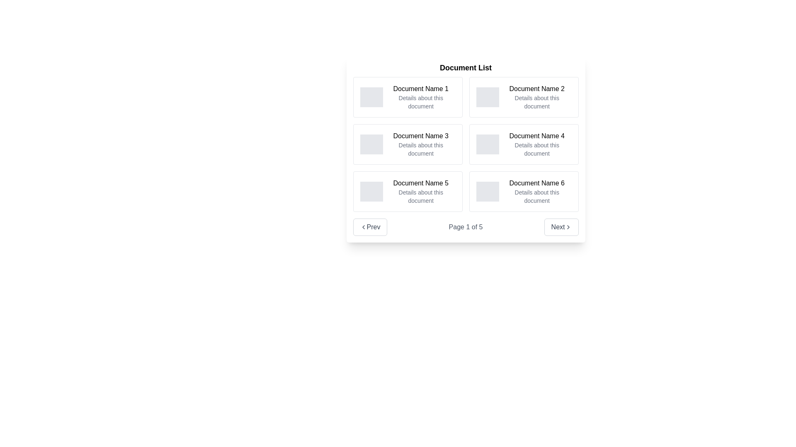  Describe the element at coordinates (568, 227) in the screenshot. I see `the right-pointing chevron icon styled with a black stroke inside the square button adjacent to the text 'Next'` at that location.